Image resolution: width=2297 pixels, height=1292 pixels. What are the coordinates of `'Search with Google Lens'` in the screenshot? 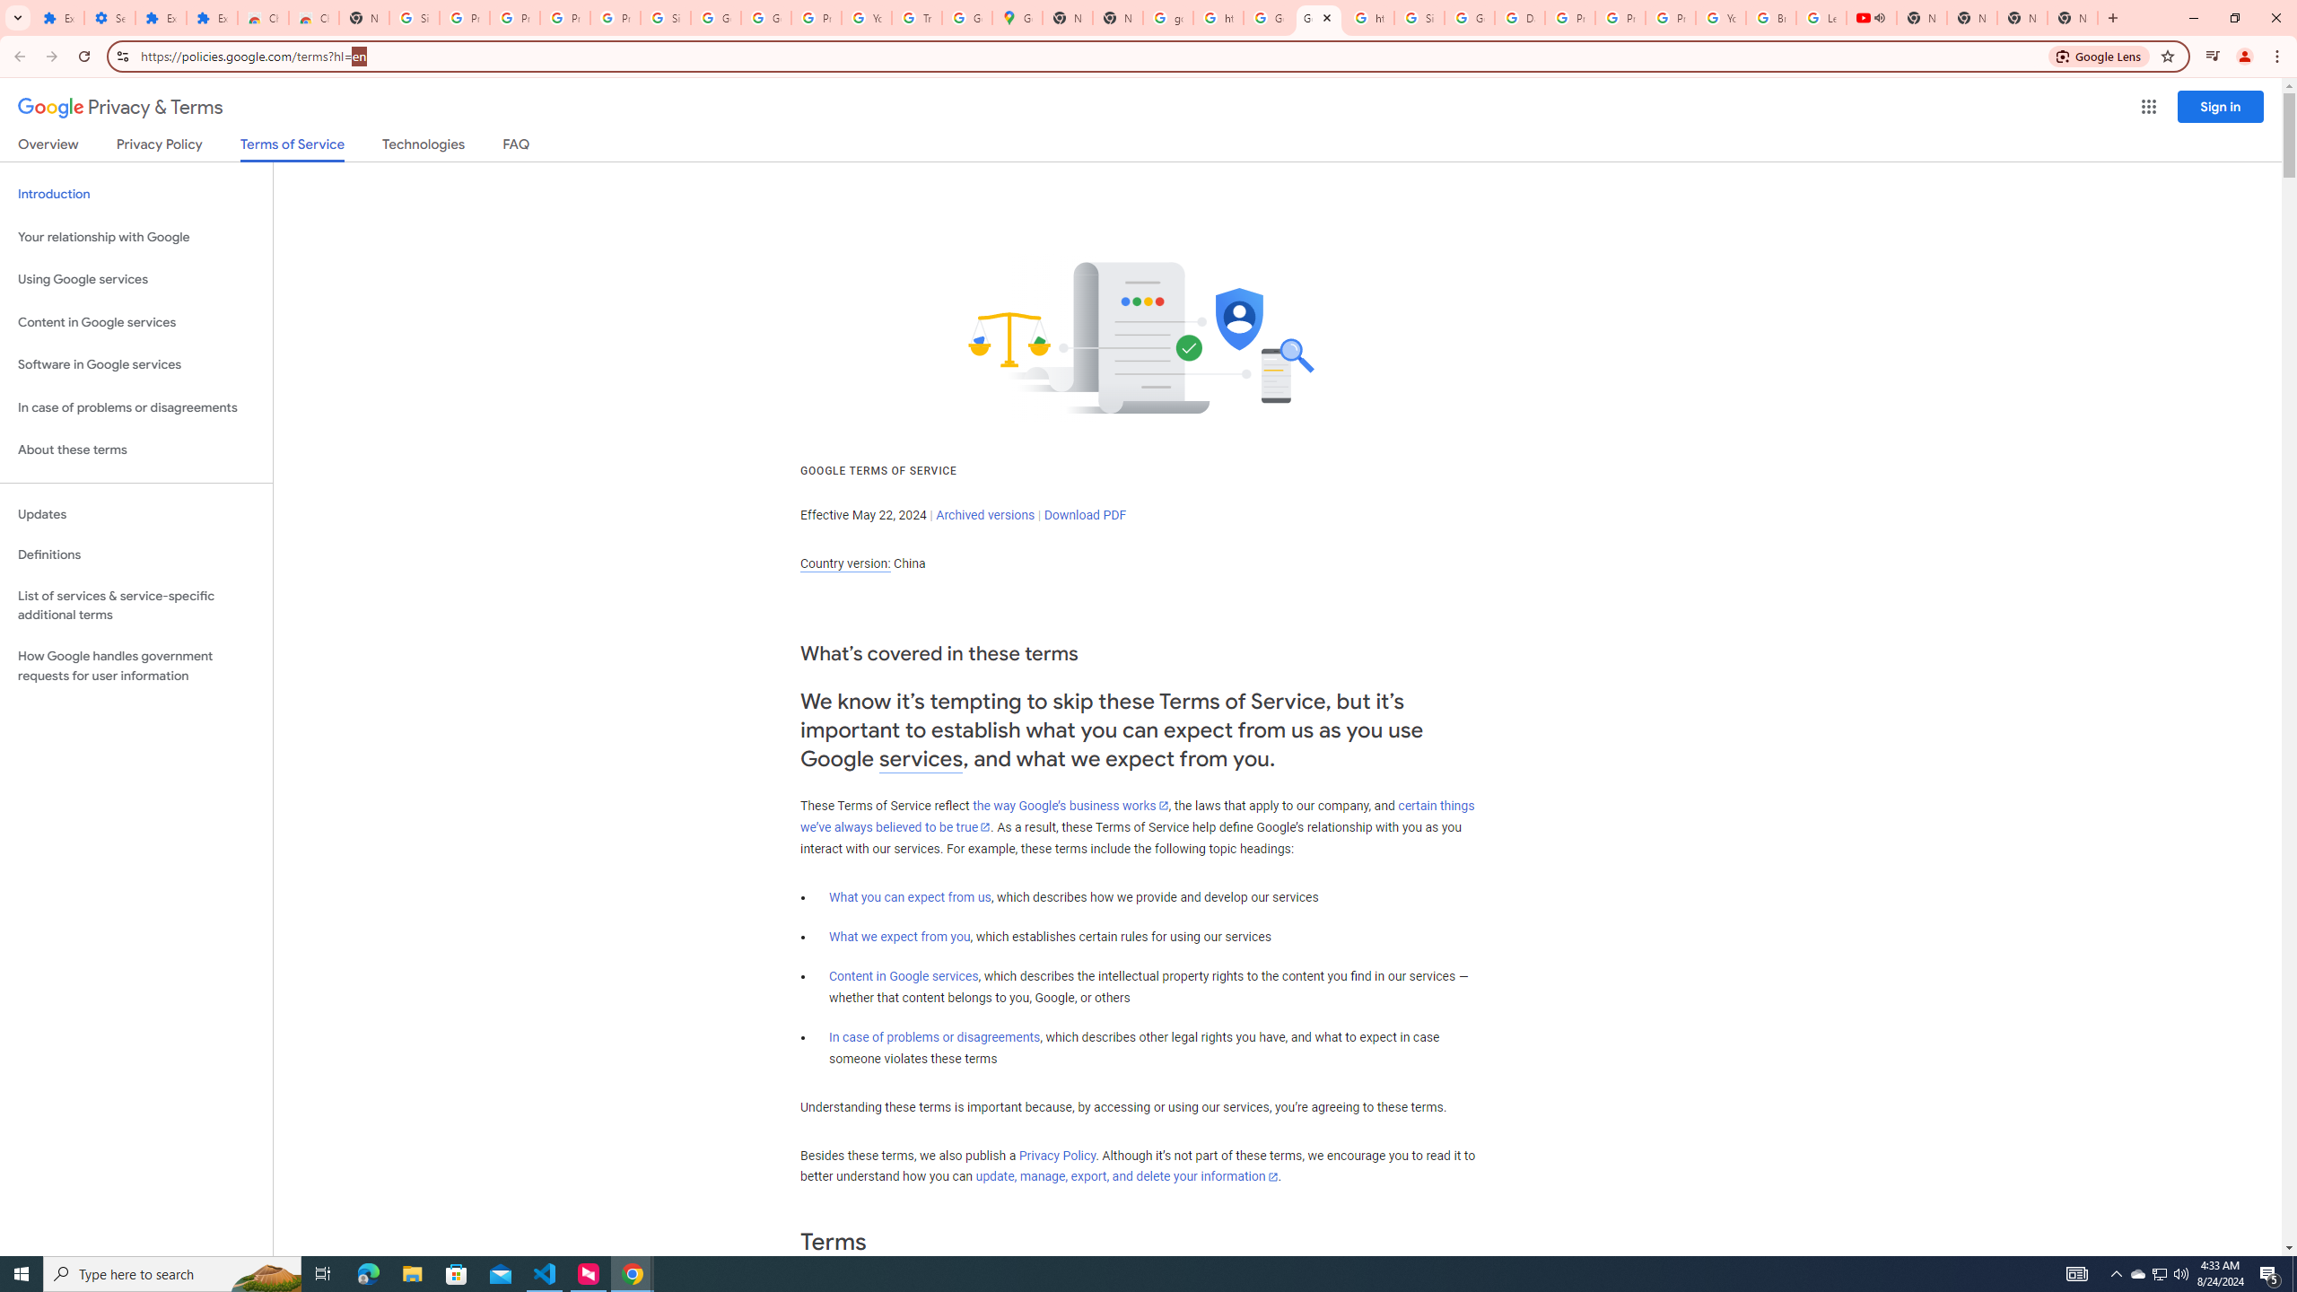 It's located at (2099, 55).